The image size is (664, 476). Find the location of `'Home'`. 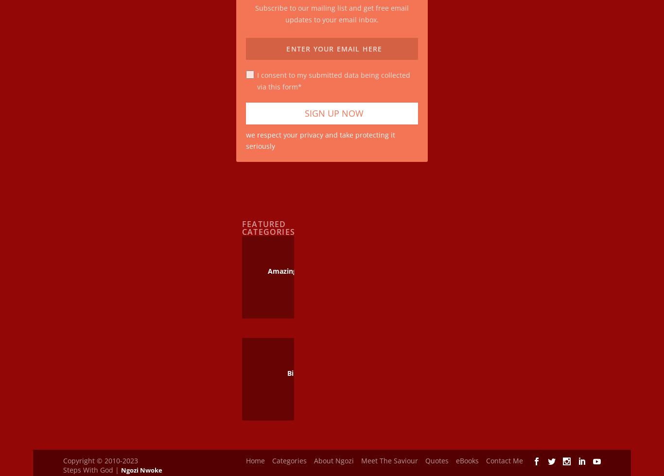

'Home' is located at coordinates (255, 454).